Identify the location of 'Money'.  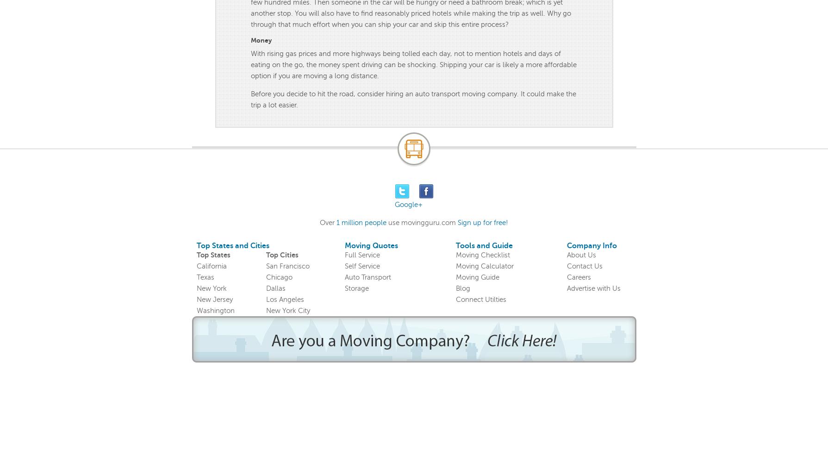
(260, 40).